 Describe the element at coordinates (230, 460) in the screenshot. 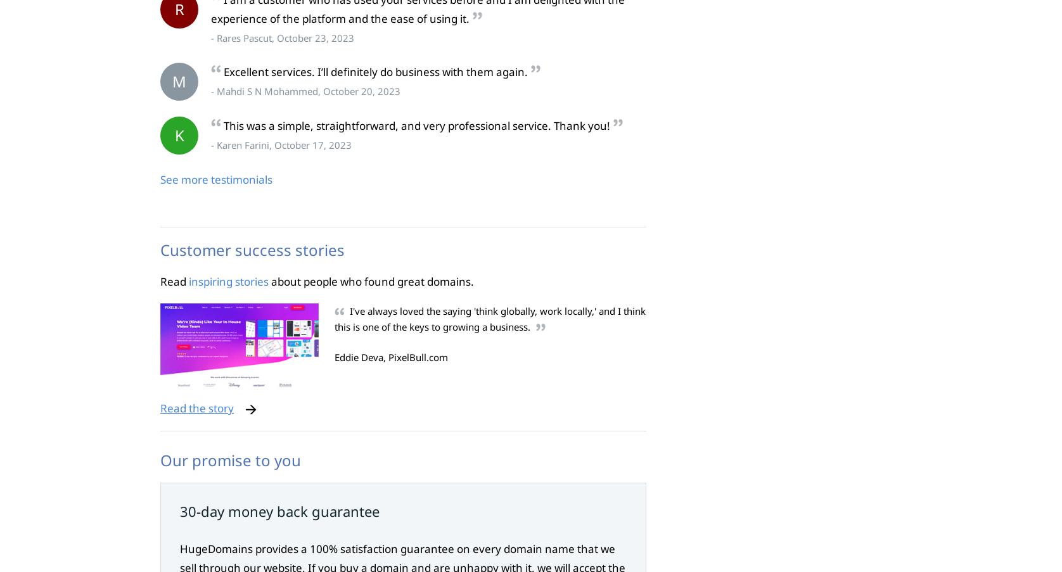

I see `'Our promise to you'` at that location.